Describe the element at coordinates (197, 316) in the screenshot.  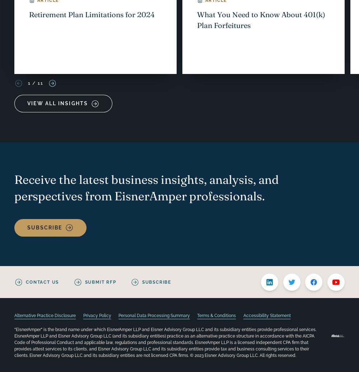
I see `'Terms & Conditions'` at that location.